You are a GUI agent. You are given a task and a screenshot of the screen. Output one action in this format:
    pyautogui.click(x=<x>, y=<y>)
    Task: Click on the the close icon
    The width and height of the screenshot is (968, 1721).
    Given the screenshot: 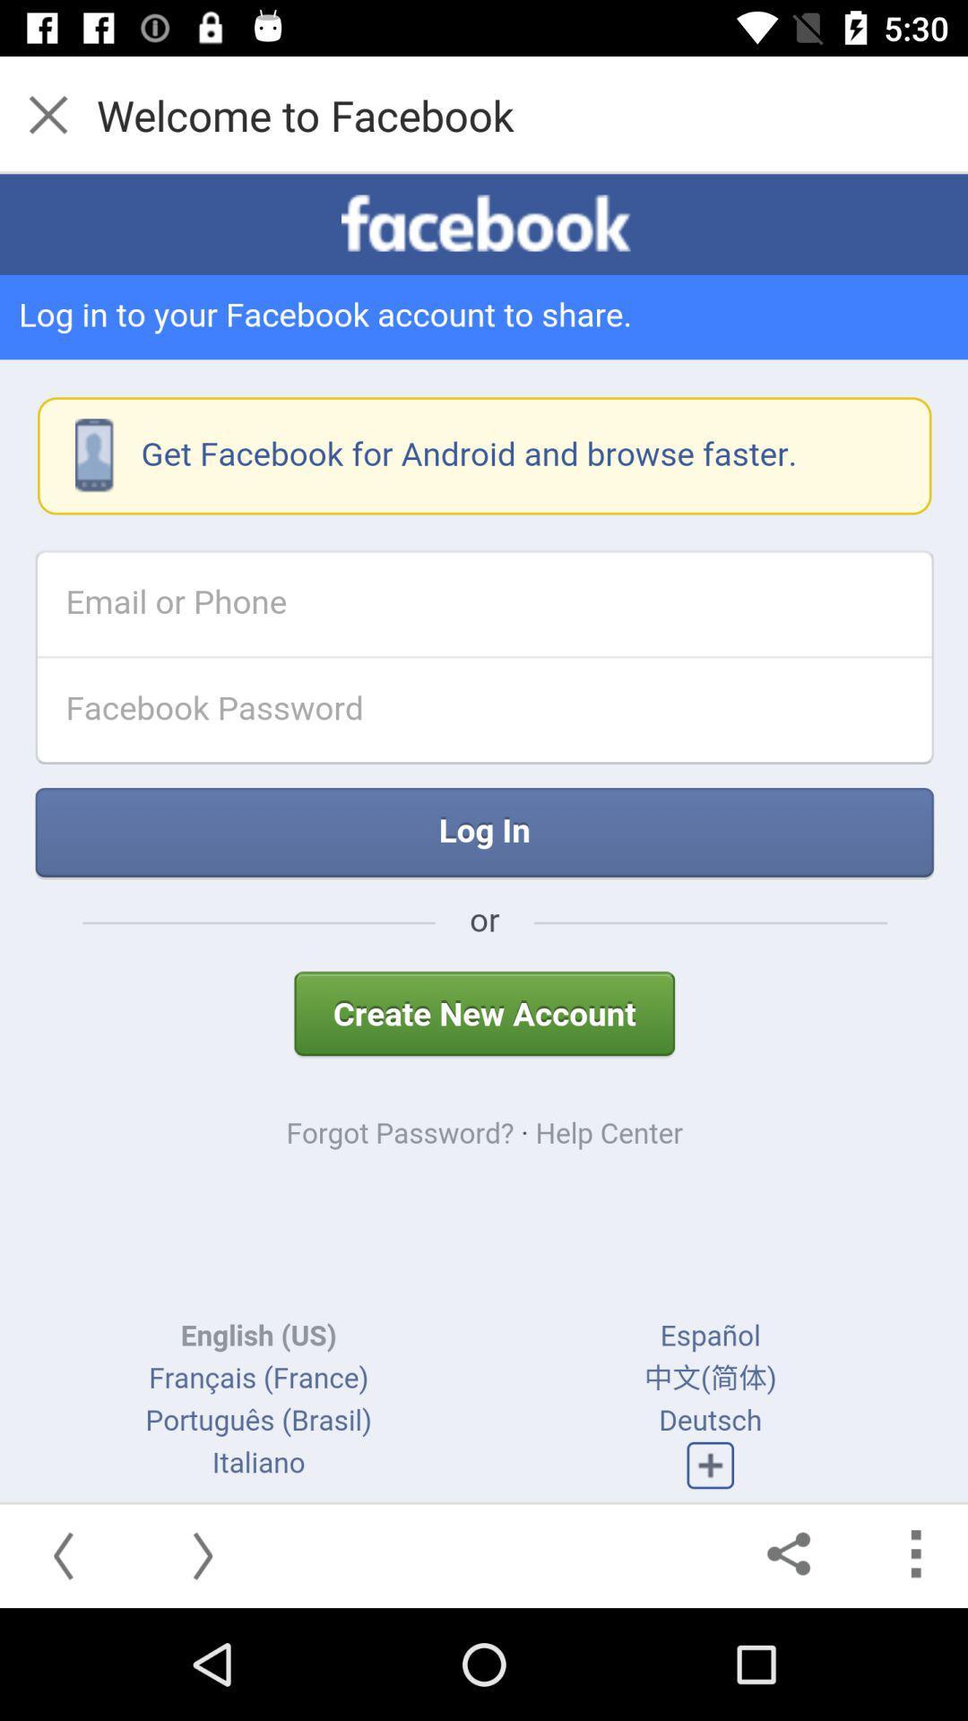 What is the action you would take?
    pyautogui.click(x=48, y=114)
    